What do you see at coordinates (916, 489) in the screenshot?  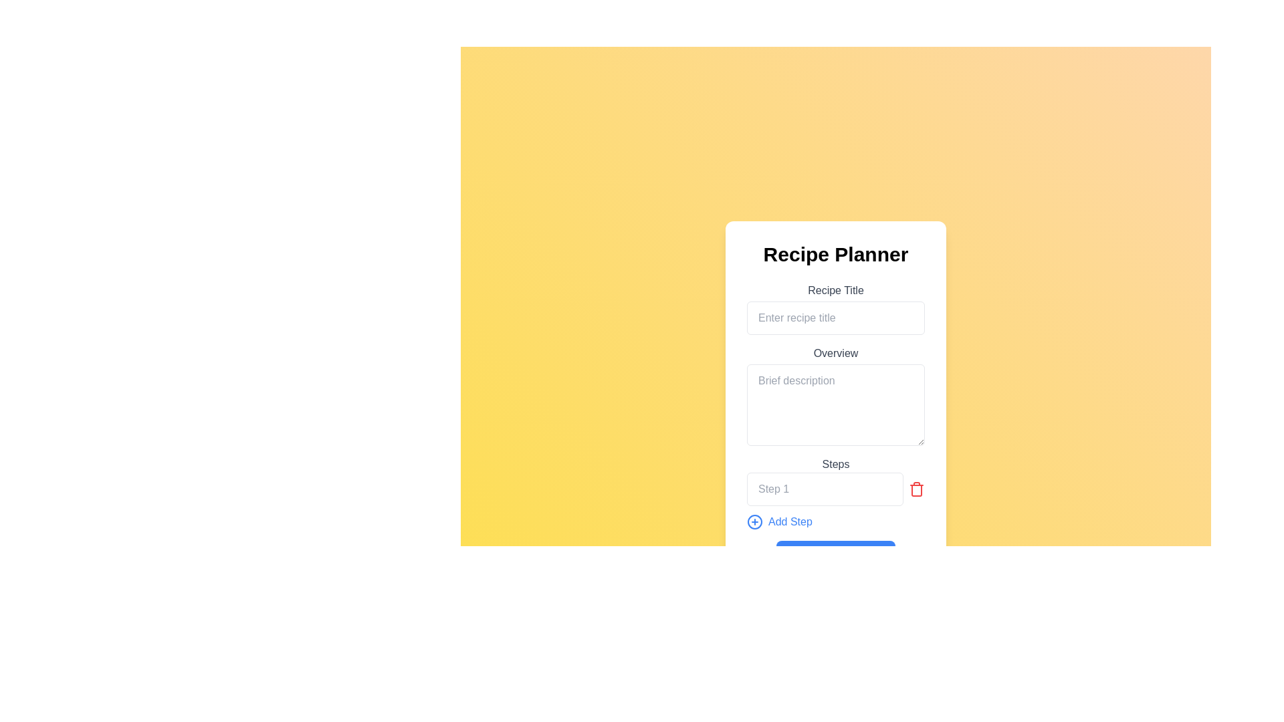 I see `the delete icon button located directly to the right of the input box labeled 'Step 1'` at bounding box center [916, 489].